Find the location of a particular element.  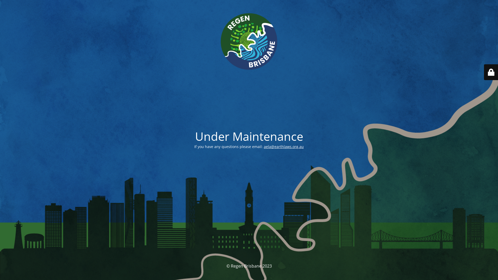

'aela@earthlaws.org.au' is located at coordinates (264, 146).